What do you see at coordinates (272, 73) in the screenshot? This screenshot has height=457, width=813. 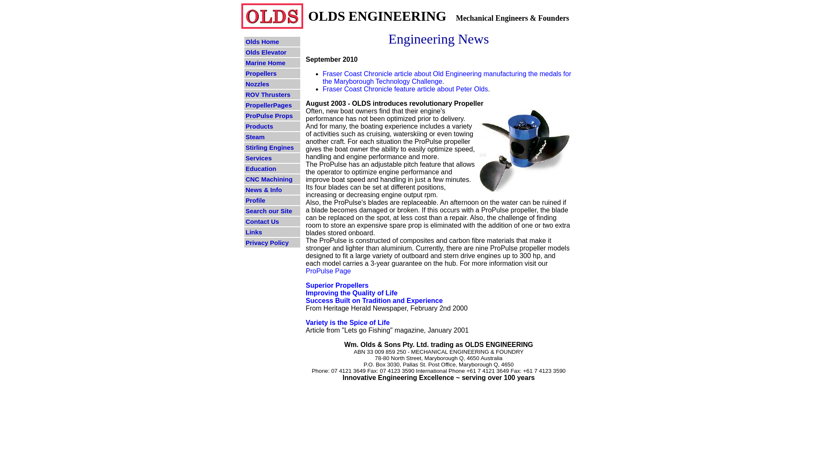 I see `'Propellers'` at bounding box center [272, 73].